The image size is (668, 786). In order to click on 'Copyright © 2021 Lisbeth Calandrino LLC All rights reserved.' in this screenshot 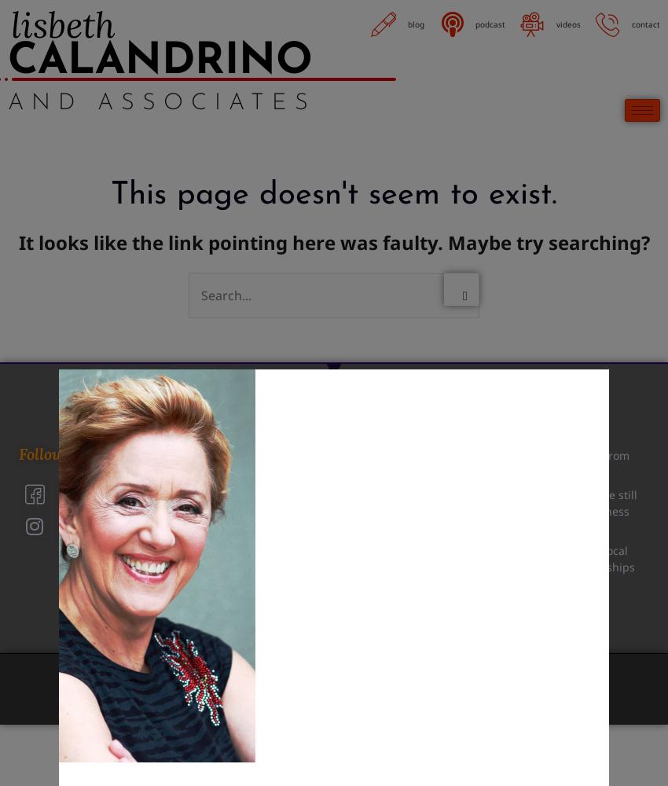, I will do `click(192, 678)`.